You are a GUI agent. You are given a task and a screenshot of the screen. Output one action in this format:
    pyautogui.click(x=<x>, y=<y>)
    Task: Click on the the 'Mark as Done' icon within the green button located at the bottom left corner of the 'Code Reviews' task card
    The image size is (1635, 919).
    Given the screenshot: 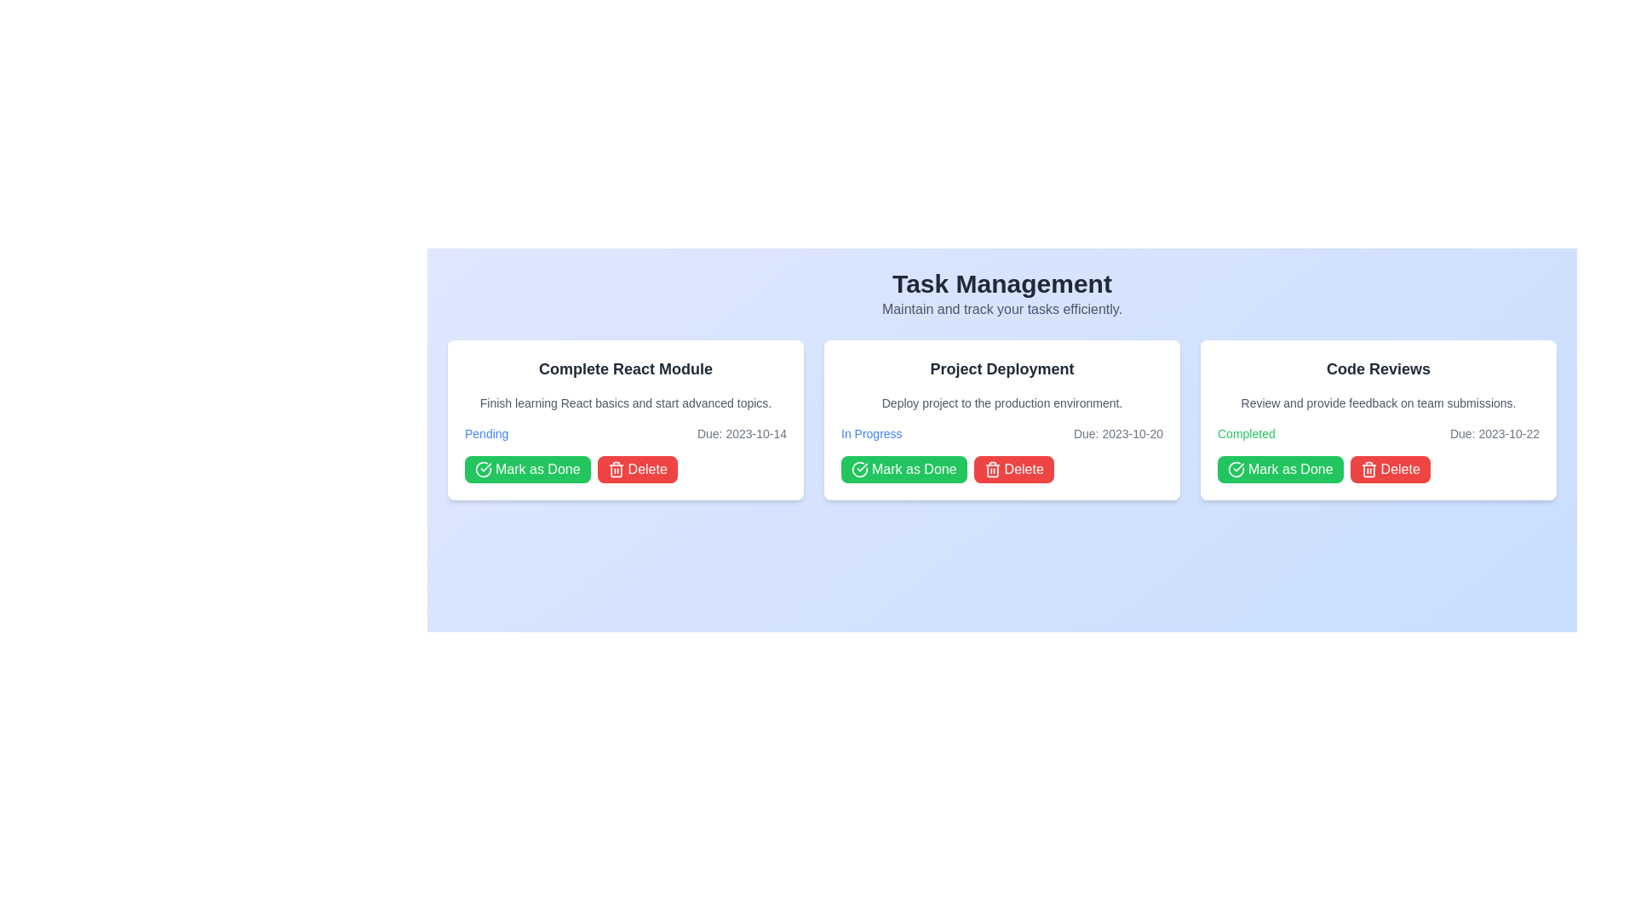 What is the action you would take?
    pyautogui.click(x=1236, y=469)
    